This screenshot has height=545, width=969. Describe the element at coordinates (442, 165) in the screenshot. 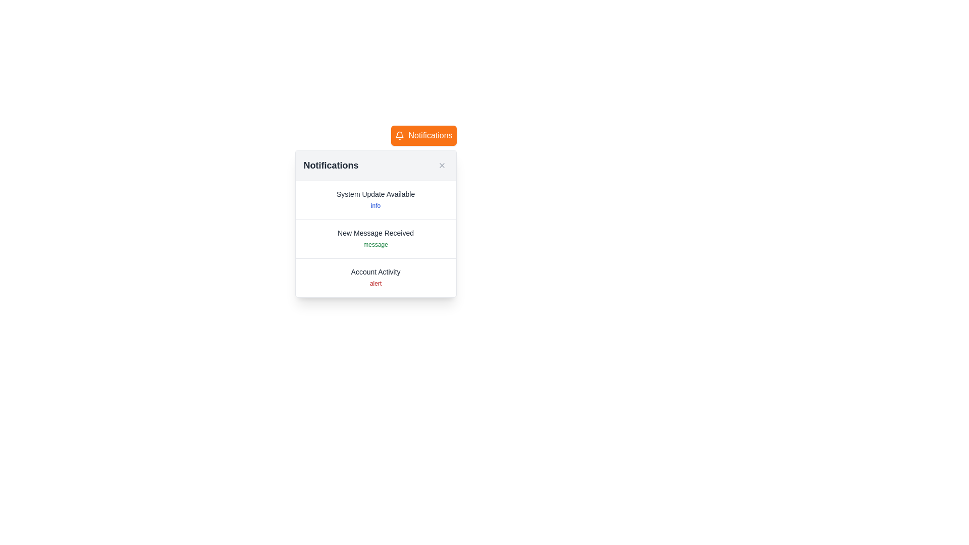

I see `the close button located at the top-right corner of the notifications pop-up panel` at that location.